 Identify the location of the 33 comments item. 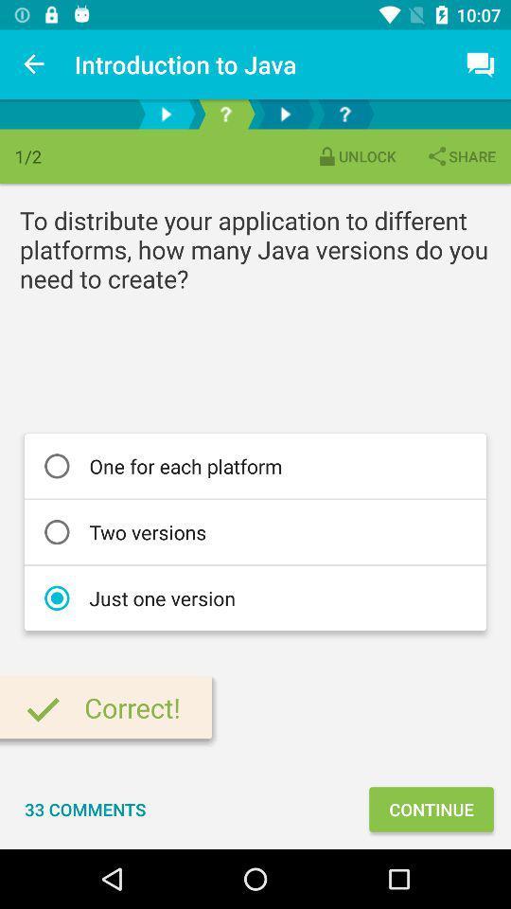
(84, 808).